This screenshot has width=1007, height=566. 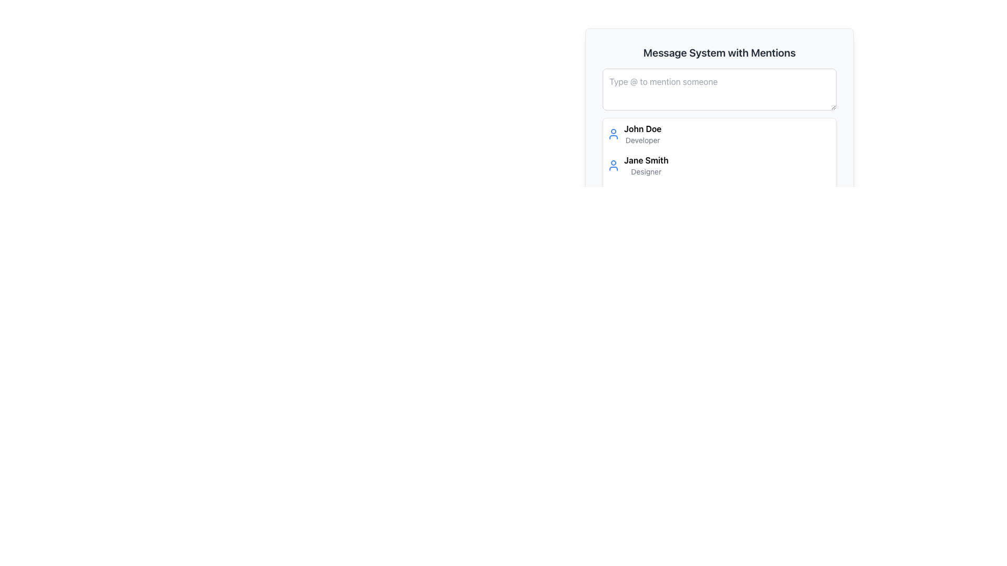 I want to click on the user profile icon for 'Jane Smith', which is located at the top-left region of the list item for 'Jane Smith Designer', so click(x=614, y=165).